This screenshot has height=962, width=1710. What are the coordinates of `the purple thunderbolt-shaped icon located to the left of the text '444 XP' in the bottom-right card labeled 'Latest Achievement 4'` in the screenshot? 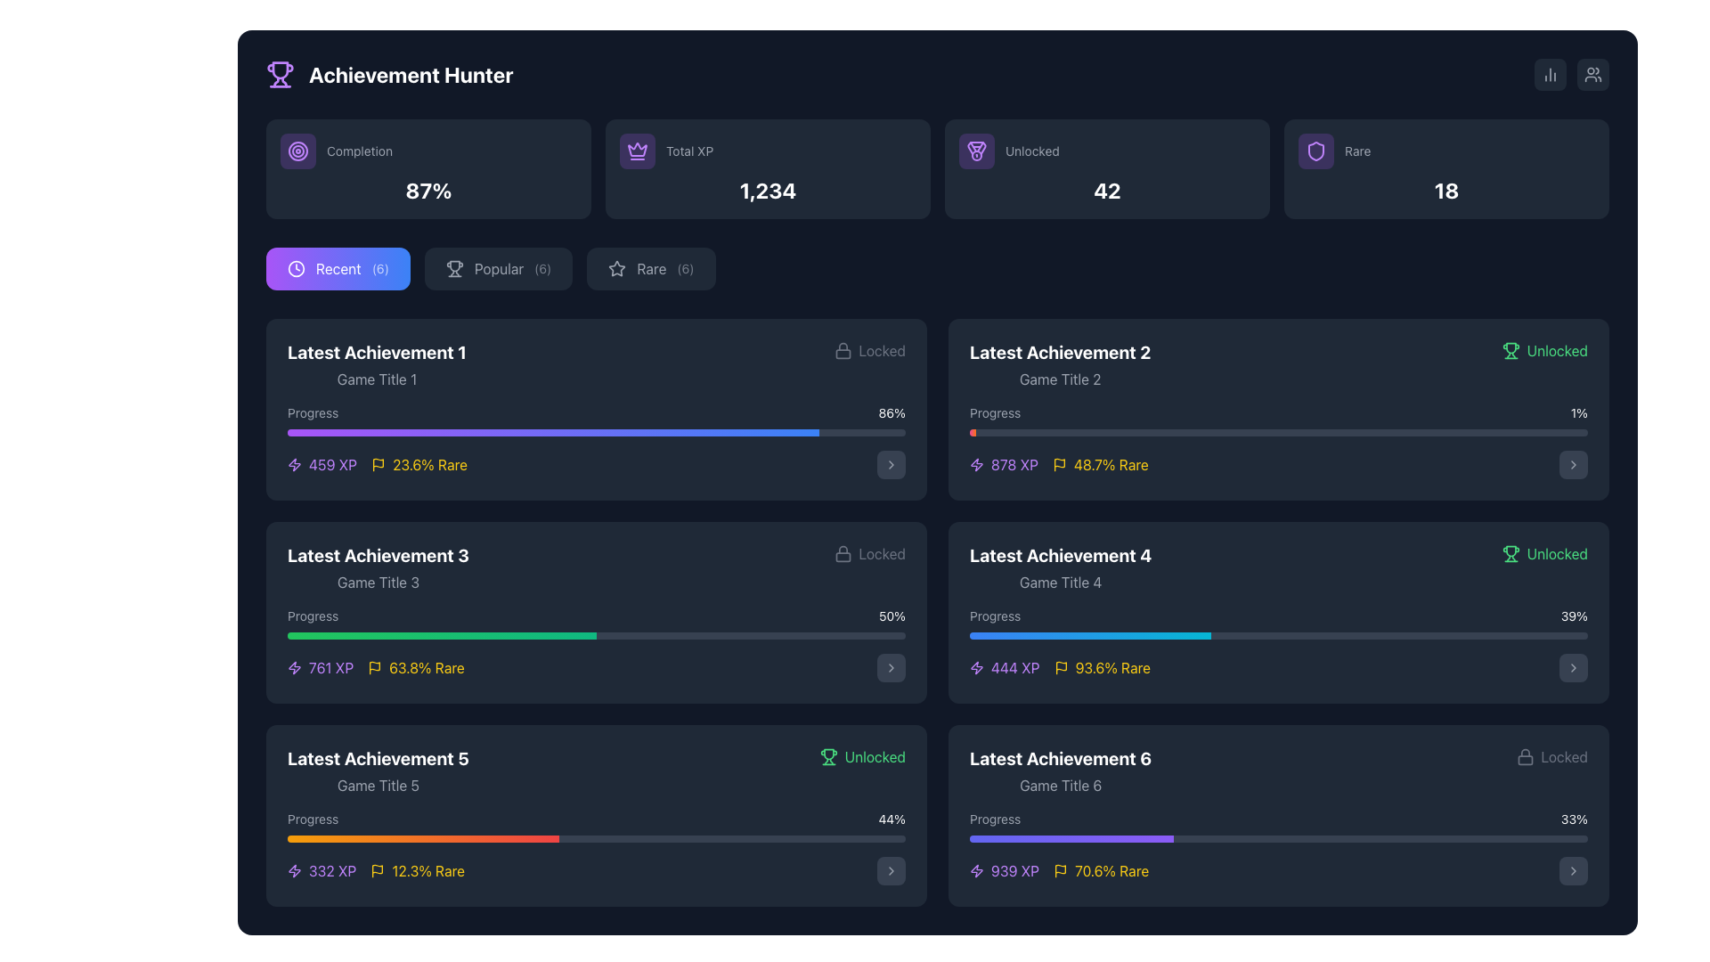 It's located at (976, 667).